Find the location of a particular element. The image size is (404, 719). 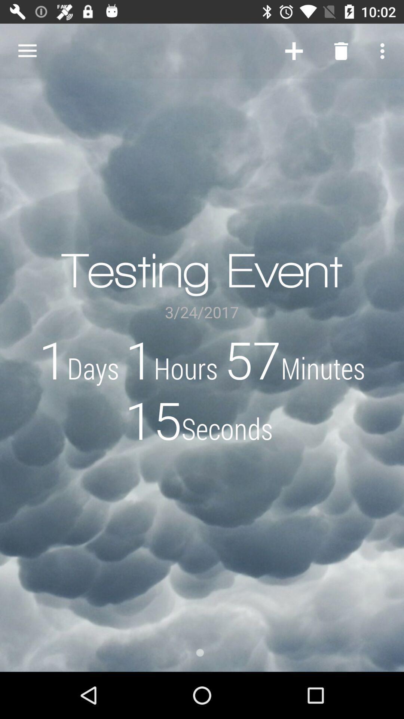

the item above the 1days 1hours 57minutes is located at coordinates (384, 51).